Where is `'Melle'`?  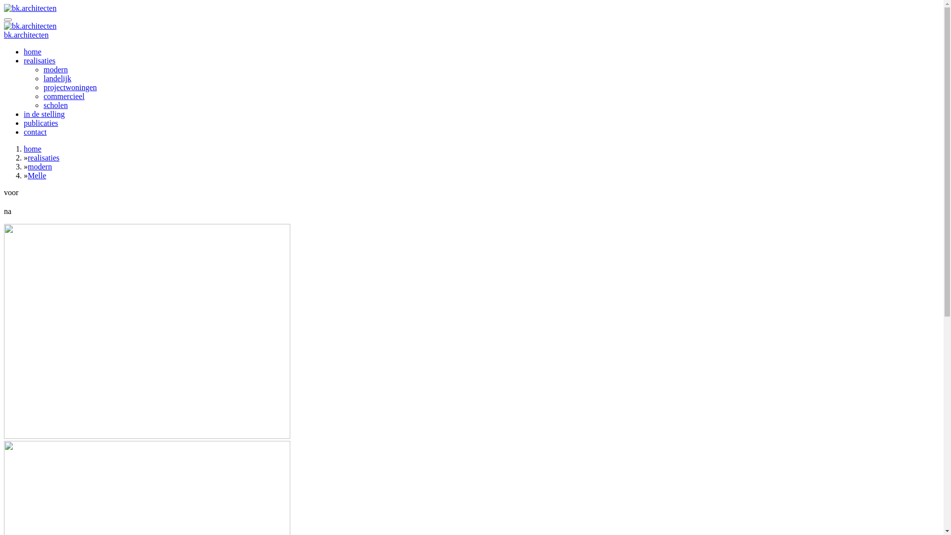 'Melle' is located at coordinates (37, 175).